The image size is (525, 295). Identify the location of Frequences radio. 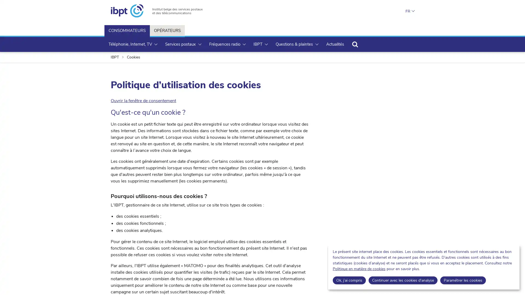
(227, 44).